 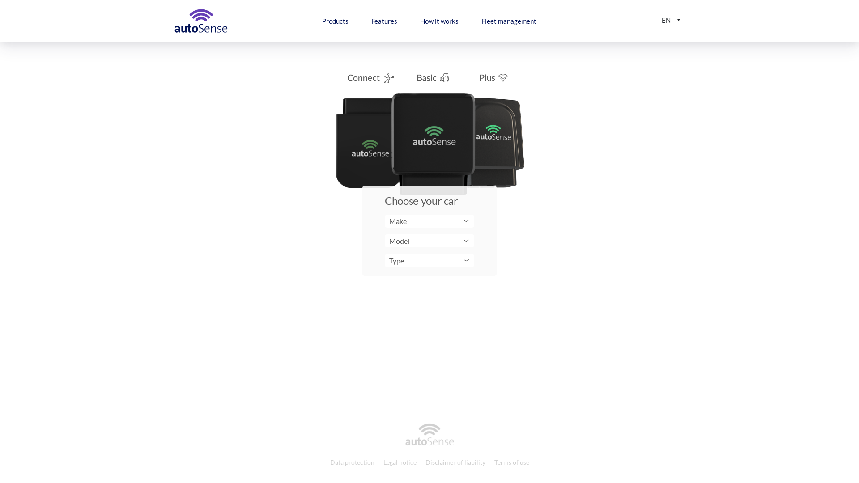 What do you see at coordinates (325, 462) in the screenshot?
I see `'Data protection'` at bounding box center [325, 462].